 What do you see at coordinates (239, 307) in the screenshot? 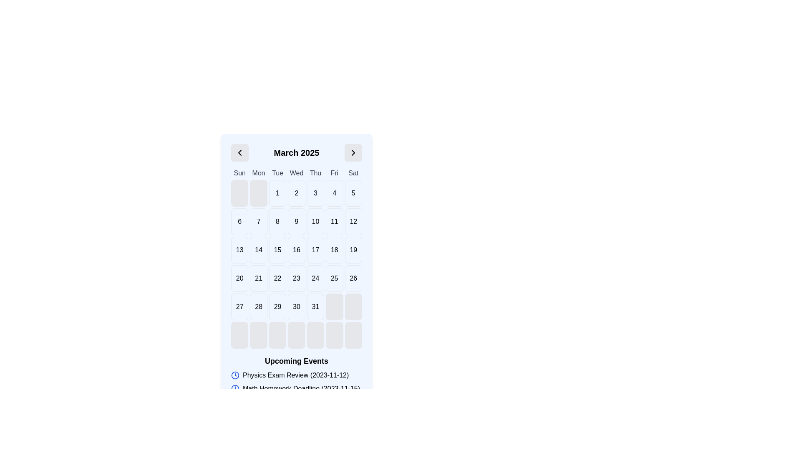
I see `the interactive calendar cell displaying the number '27' in the bottom row of the calendar grid` at bounding box center [239, 307].